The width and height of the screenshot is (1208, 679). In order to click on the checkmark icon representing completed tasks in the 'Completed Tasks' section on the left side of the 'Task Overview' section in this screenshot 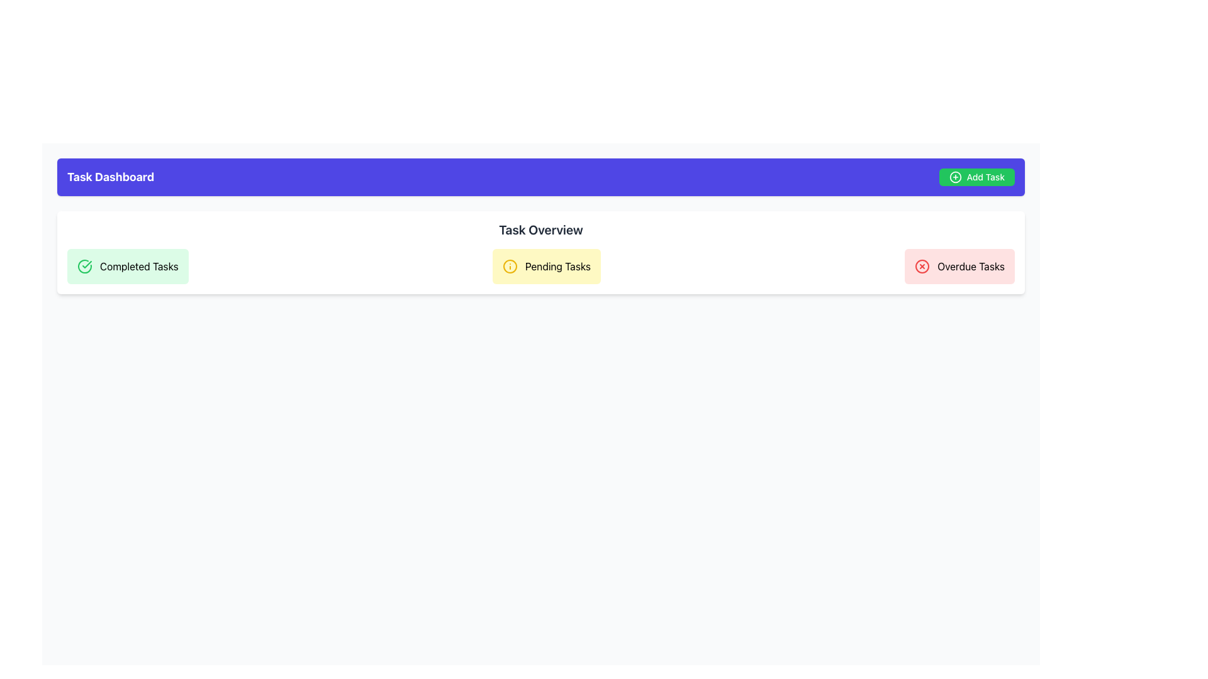, I will do `click(86, 263)`.